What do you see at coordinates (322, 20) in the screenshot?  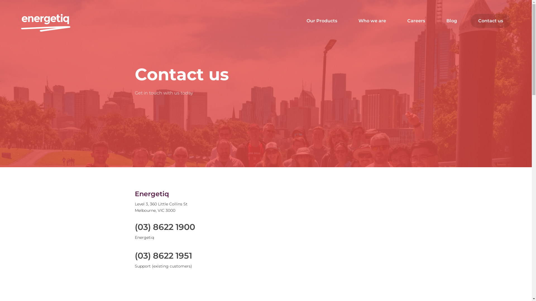 I see `'Our Products'` at bounding box center [322, 20].